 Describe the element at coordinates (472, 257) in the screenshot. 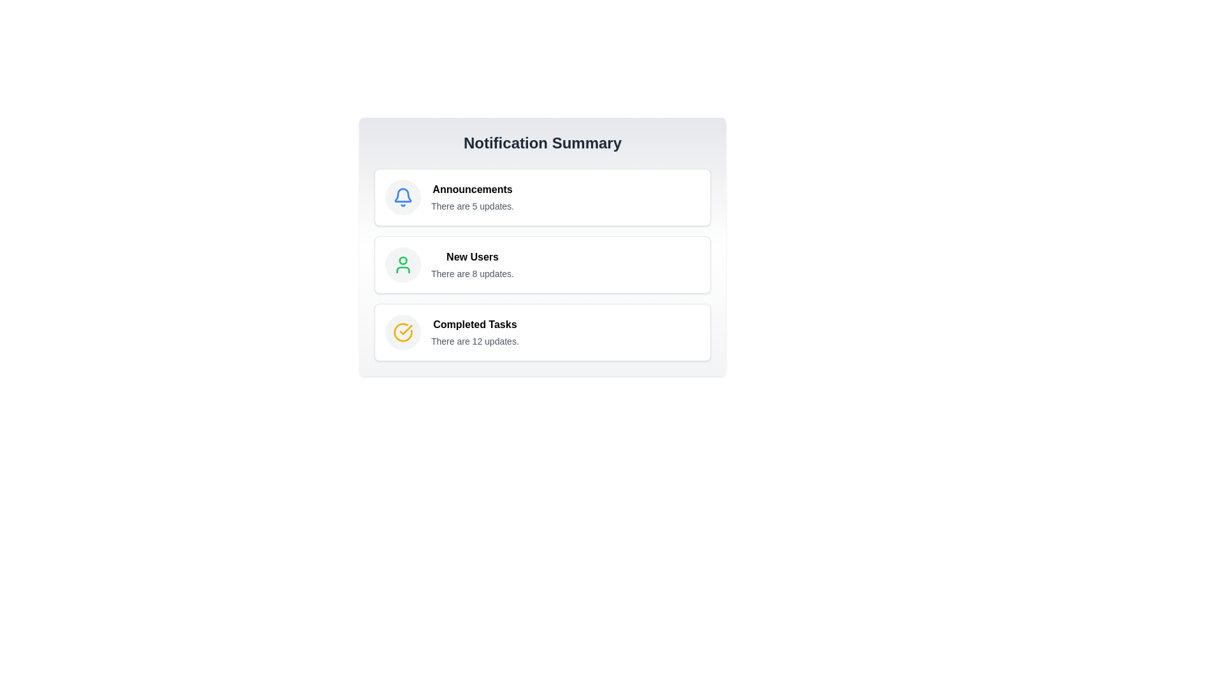

I see `text label indicating 'New Users' in the notification summary, which is located in the second row of the notification item` at that location.